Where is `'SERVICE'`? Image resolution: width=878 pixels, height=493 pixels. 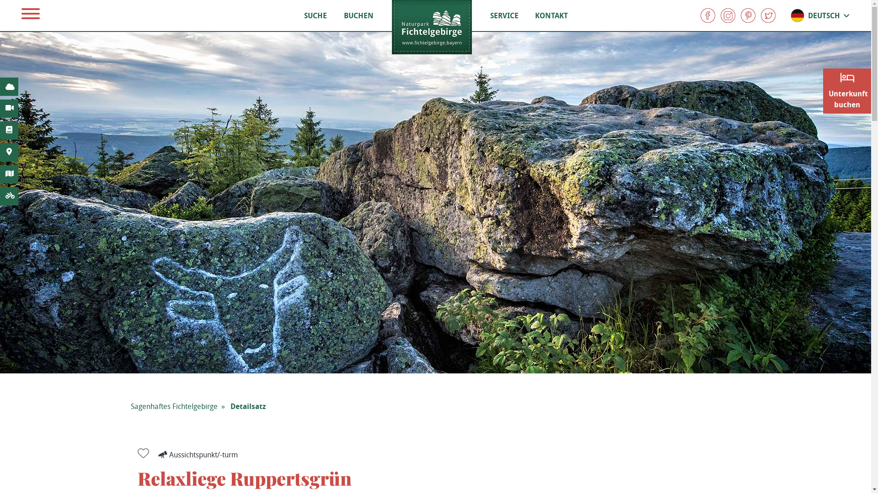
'SERVICE' is located at coordinates (504, 16).